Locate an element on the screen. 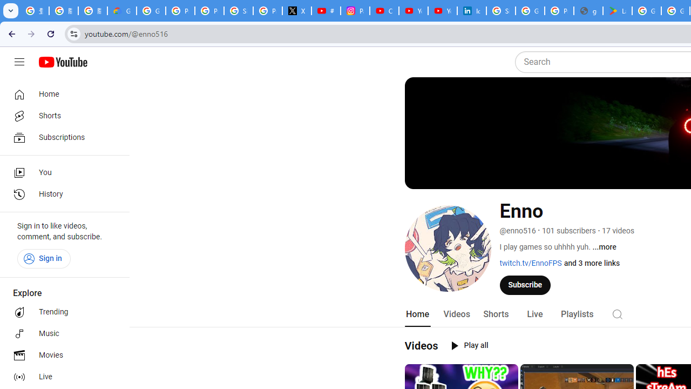  'YouTube Home' is located at coordinates (62, 62).